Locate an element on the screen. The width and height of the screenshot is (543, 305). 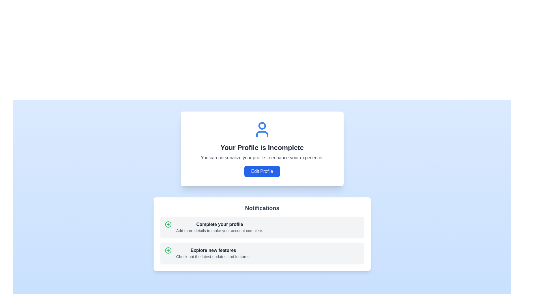
the circular green outlined icon with a plus sign in the center, located next to the notification box that reads 'Complete your profile - Add more details to make your account complete' is located at coordinates (168, 224).